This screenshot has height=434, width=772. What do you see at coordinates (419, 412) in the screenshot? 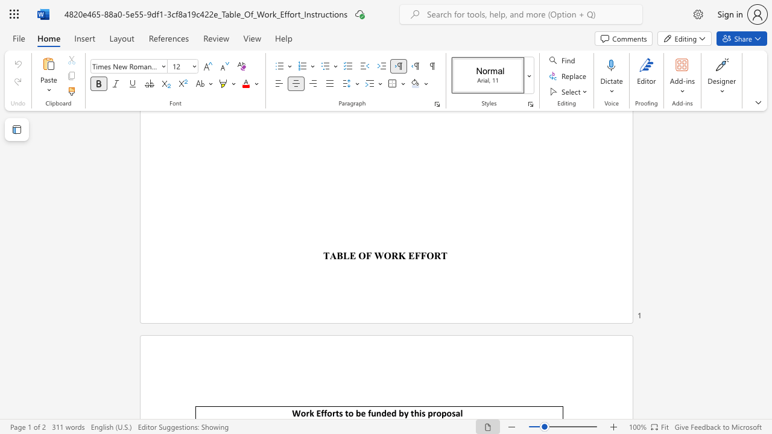
I see `the subset text "is pr" within the text "Work Efforts to be funded by this proposal"` at bounding box center [419, 412].